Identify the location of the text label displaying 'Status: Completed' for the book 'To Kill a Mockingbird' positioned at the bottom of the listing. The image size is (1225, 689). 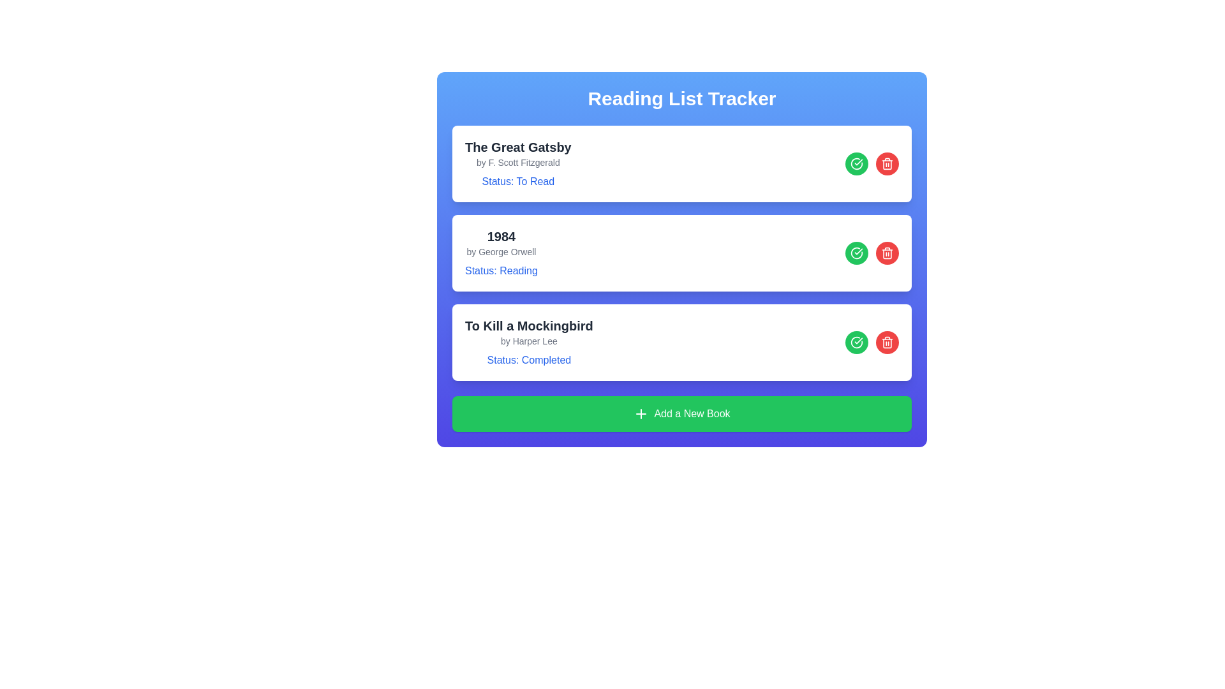
(529, 360).